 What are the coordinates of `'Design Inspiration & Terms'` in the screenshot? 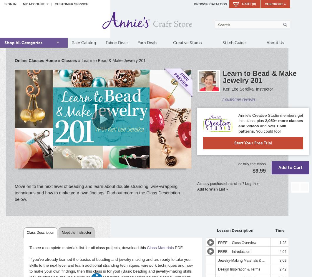 It's located at (239, 268).